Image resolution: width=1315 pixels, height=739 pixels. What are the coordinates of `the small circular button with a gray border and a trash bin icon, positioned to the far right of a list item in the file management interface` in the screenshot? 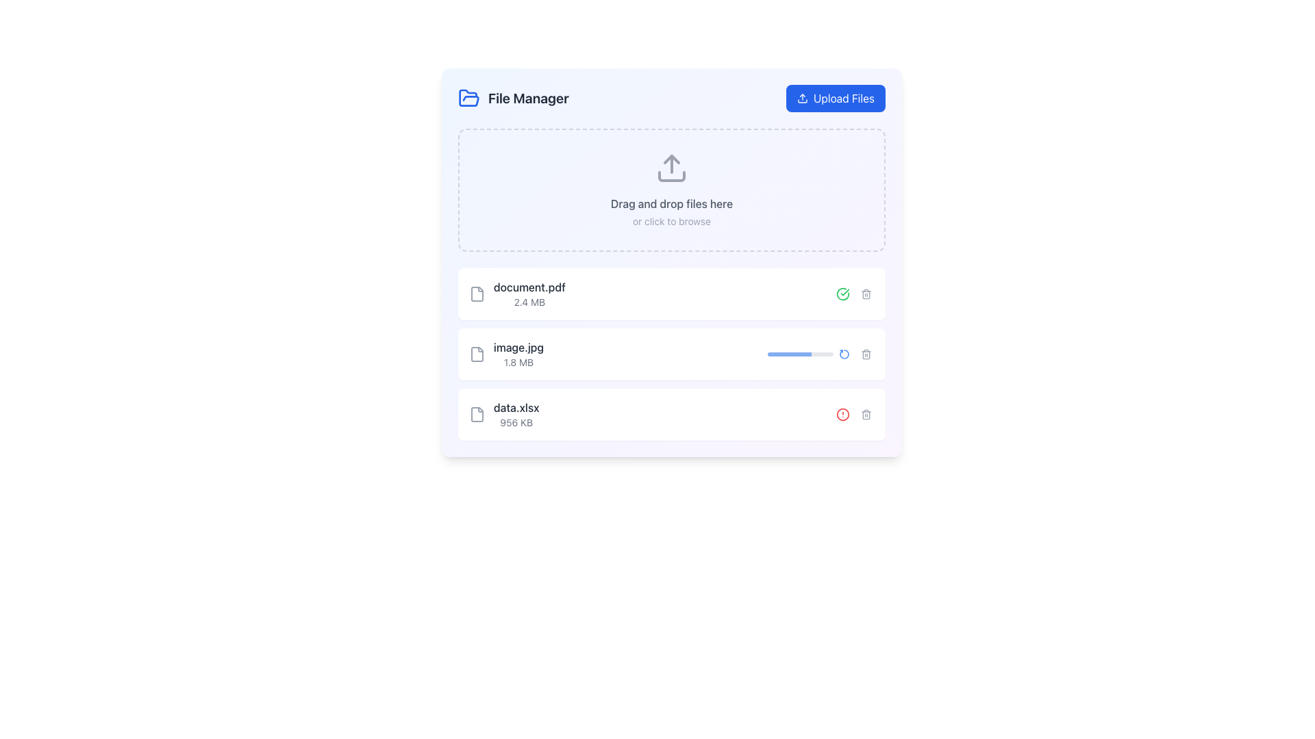 It's located at (866, 353).